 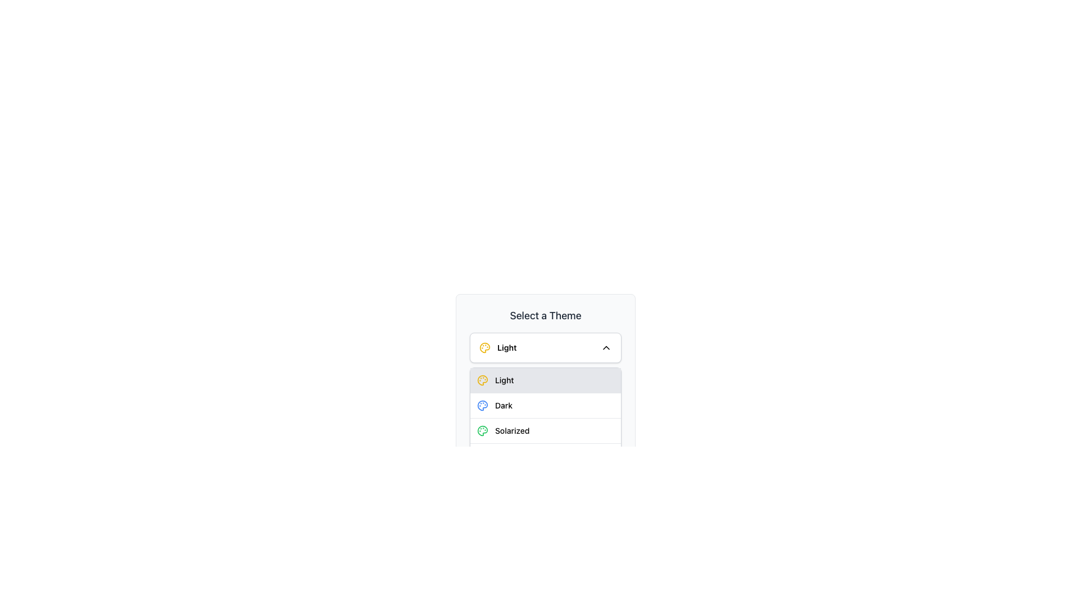 I want to click on the downward-pointing chevron icon next to the text 'Light', so click(x=606, y=347).